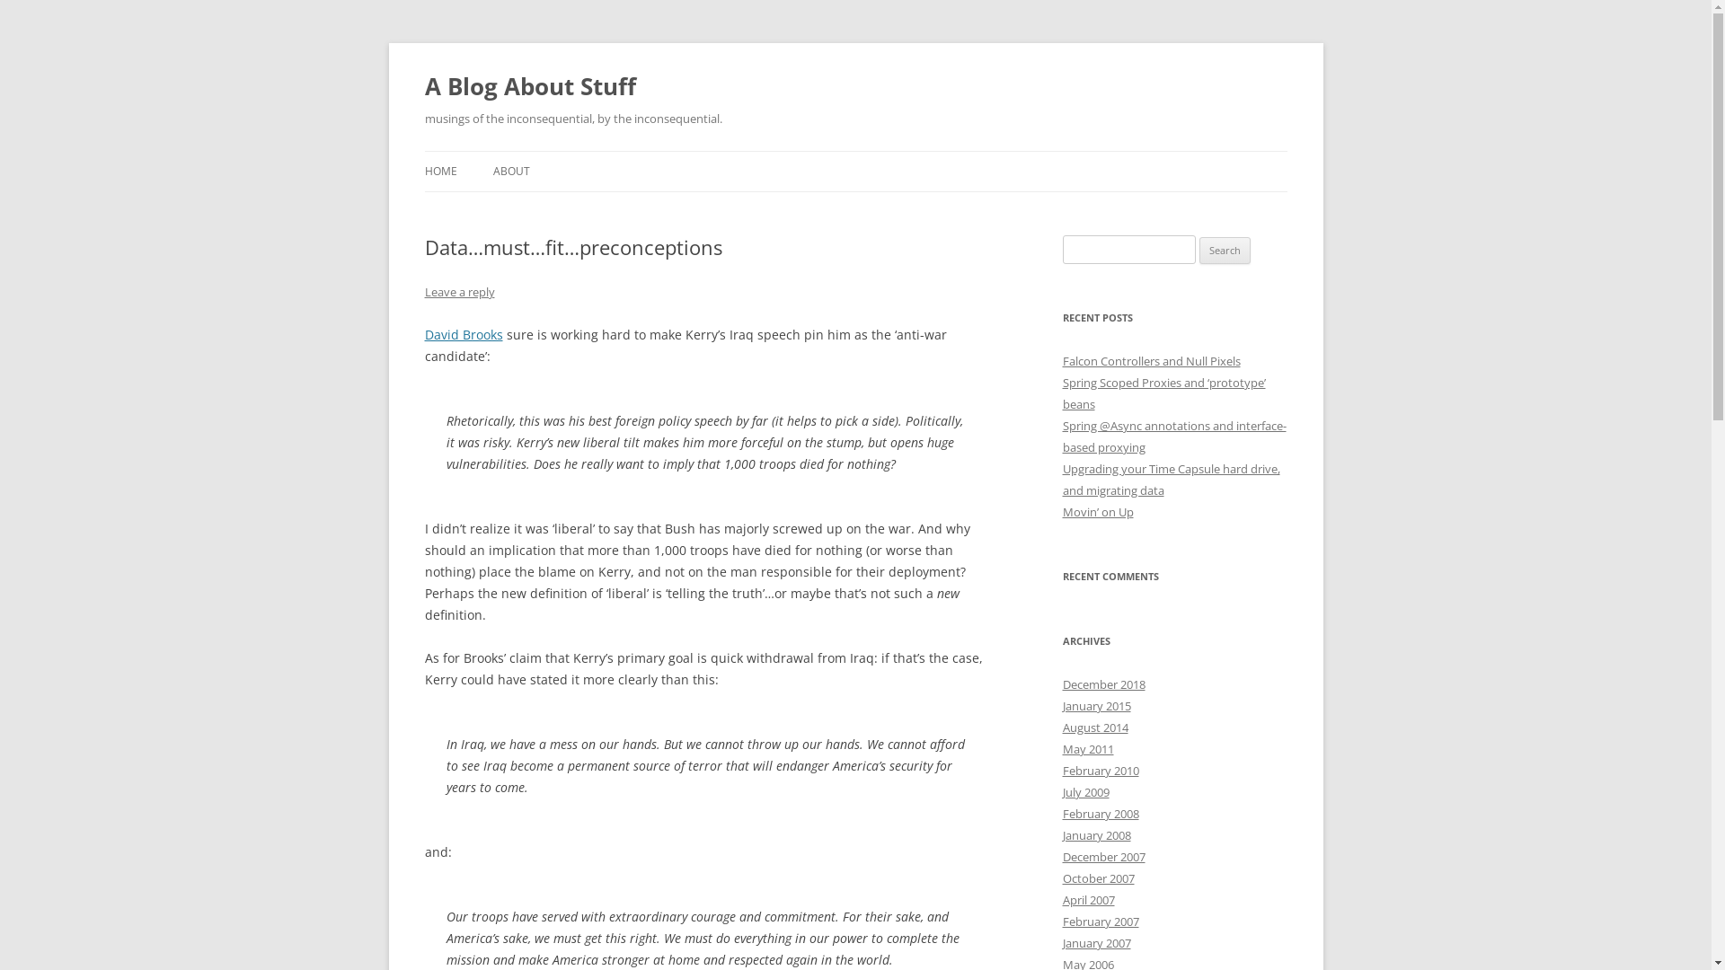 The height and width of the screenshot is (970, 1725). I want to click on 'February 2008', so click(1099, 814).